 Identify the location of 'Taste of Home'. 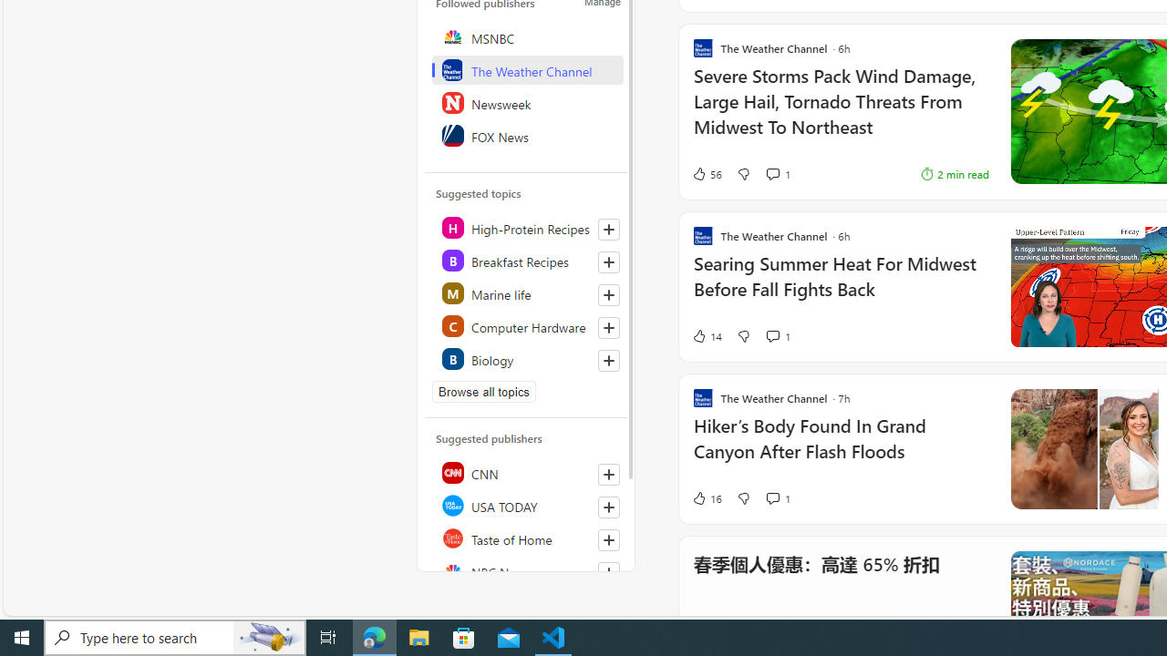
(526, 538).